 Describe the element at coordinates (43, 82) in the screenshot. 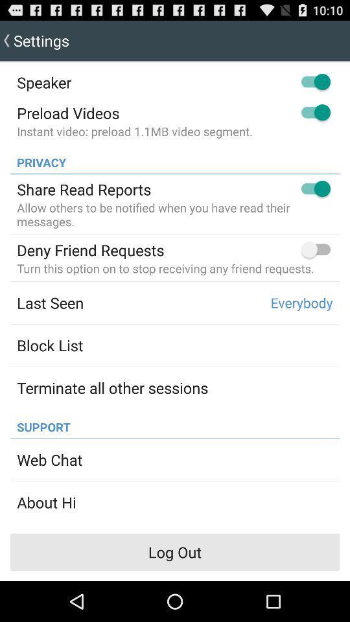

I see `the speaker app` at that location.